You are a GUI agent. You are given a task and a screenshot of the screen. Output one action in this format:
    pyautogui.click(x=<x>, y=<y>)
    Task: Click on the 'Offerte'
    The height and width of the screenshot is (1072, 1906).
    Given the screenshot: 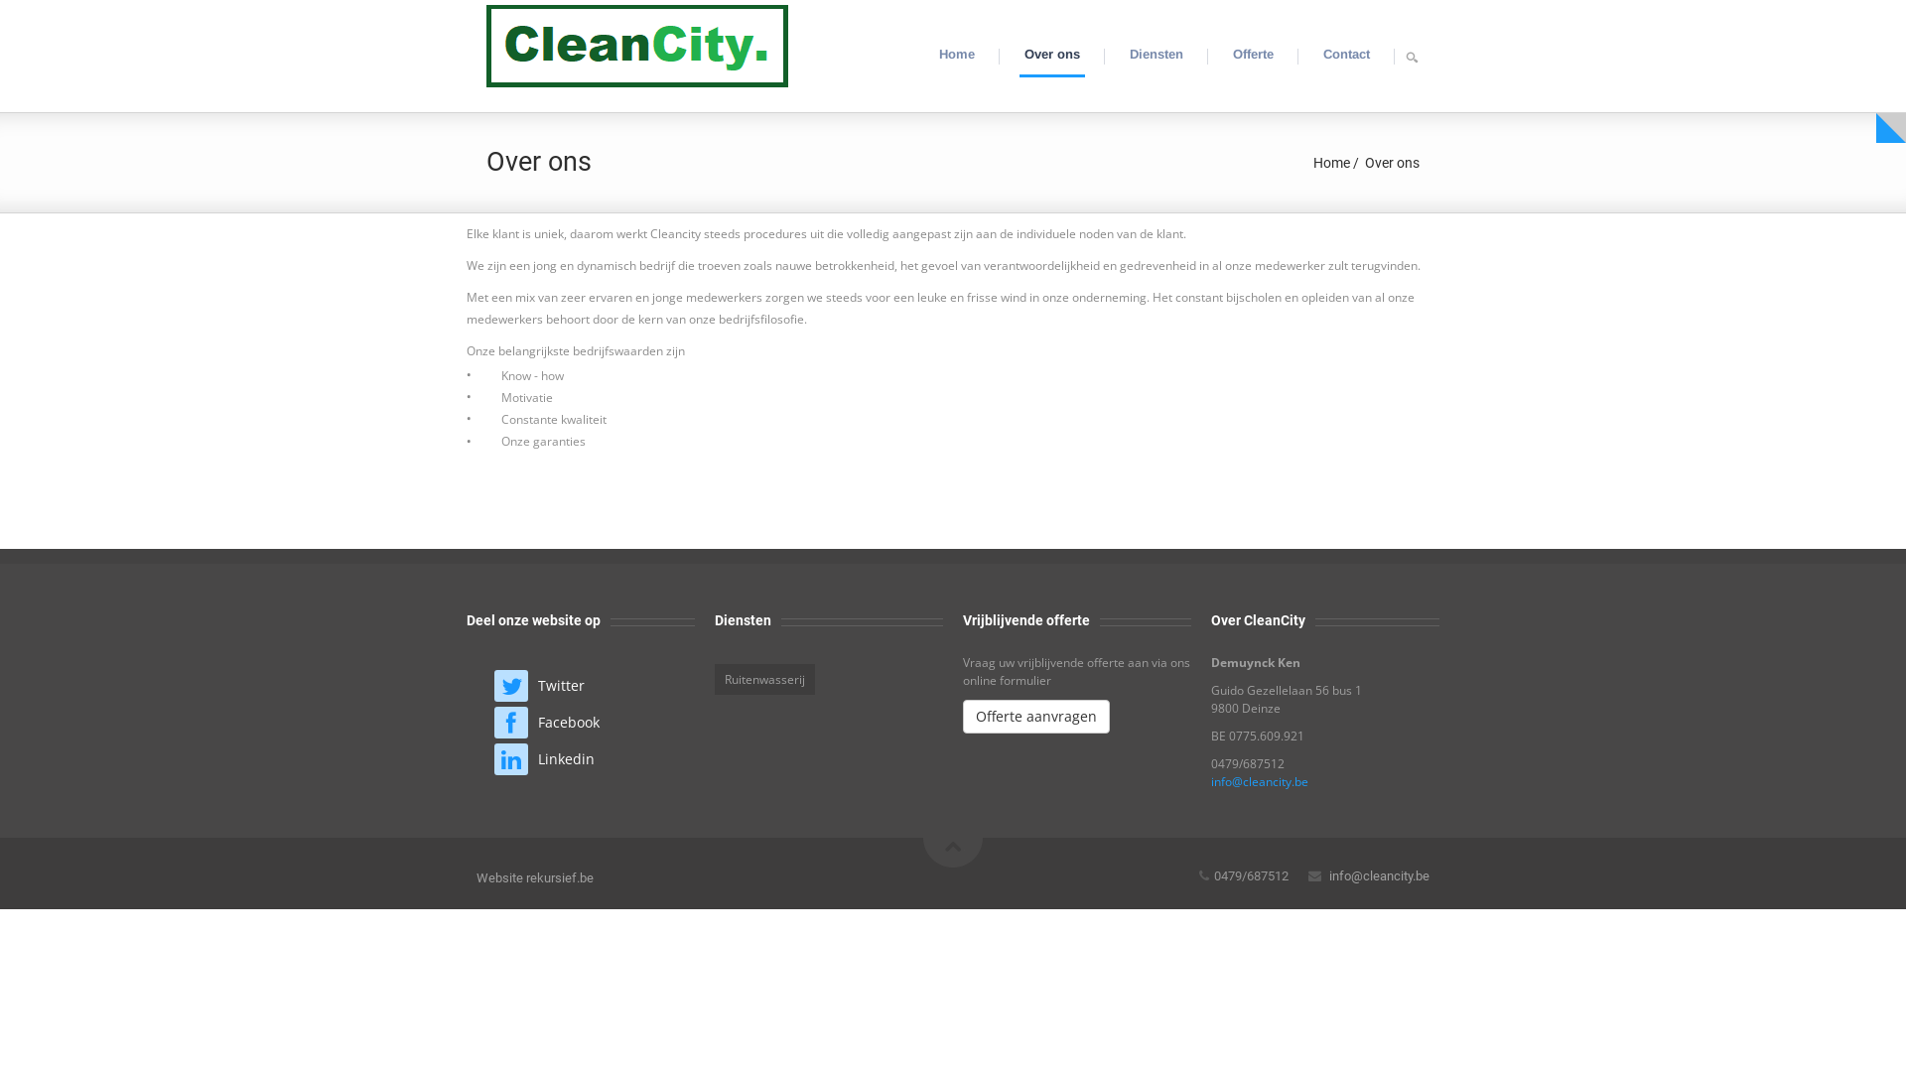 What is the action you would take?
    pyautogui.click(x=1252, y=55)
    